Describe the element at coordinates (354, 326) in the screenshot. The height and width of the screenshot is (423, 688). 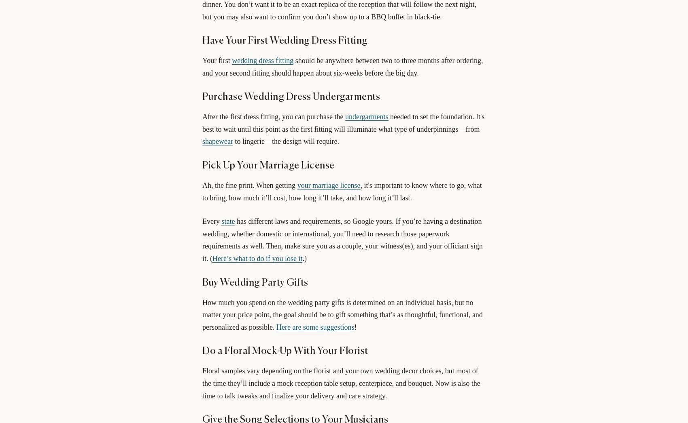
I see `'!'` at that location.